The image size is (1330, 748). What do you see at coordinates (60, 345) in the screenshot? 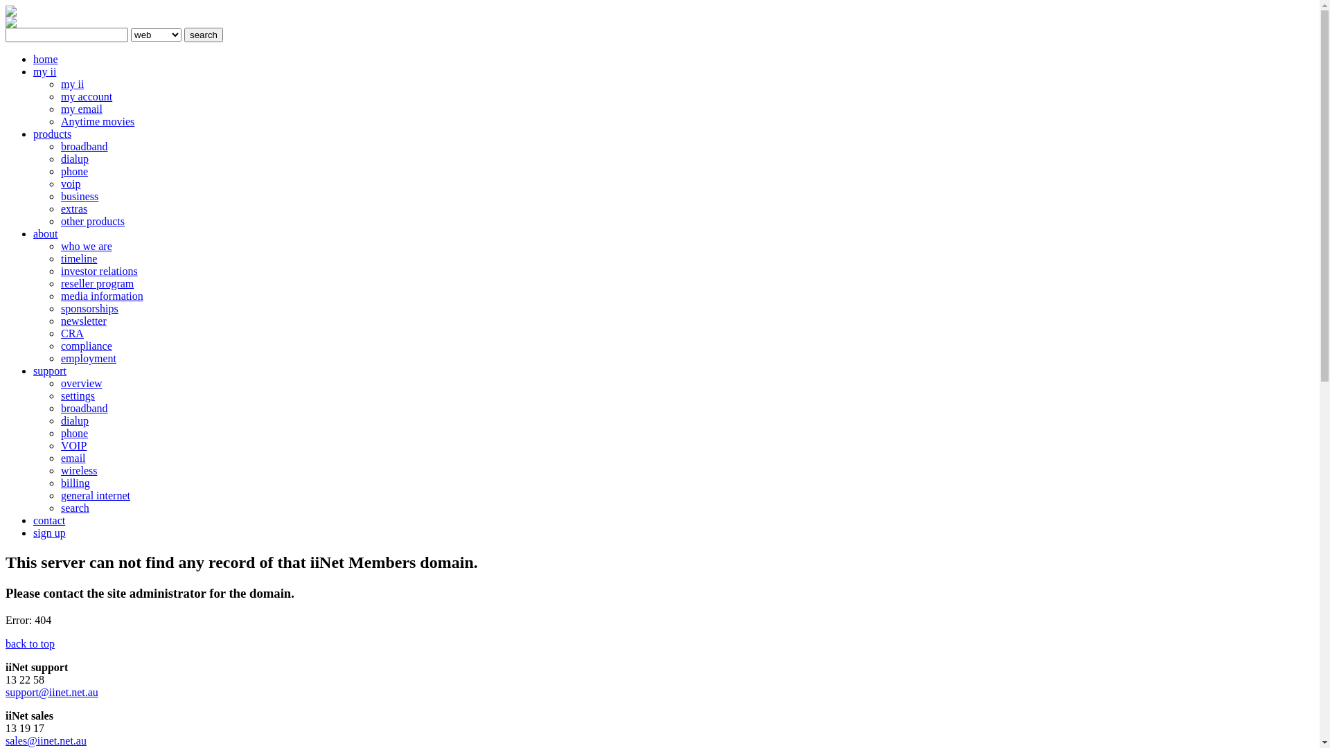
I see `'compliance'` at bounding box center [60, 345].